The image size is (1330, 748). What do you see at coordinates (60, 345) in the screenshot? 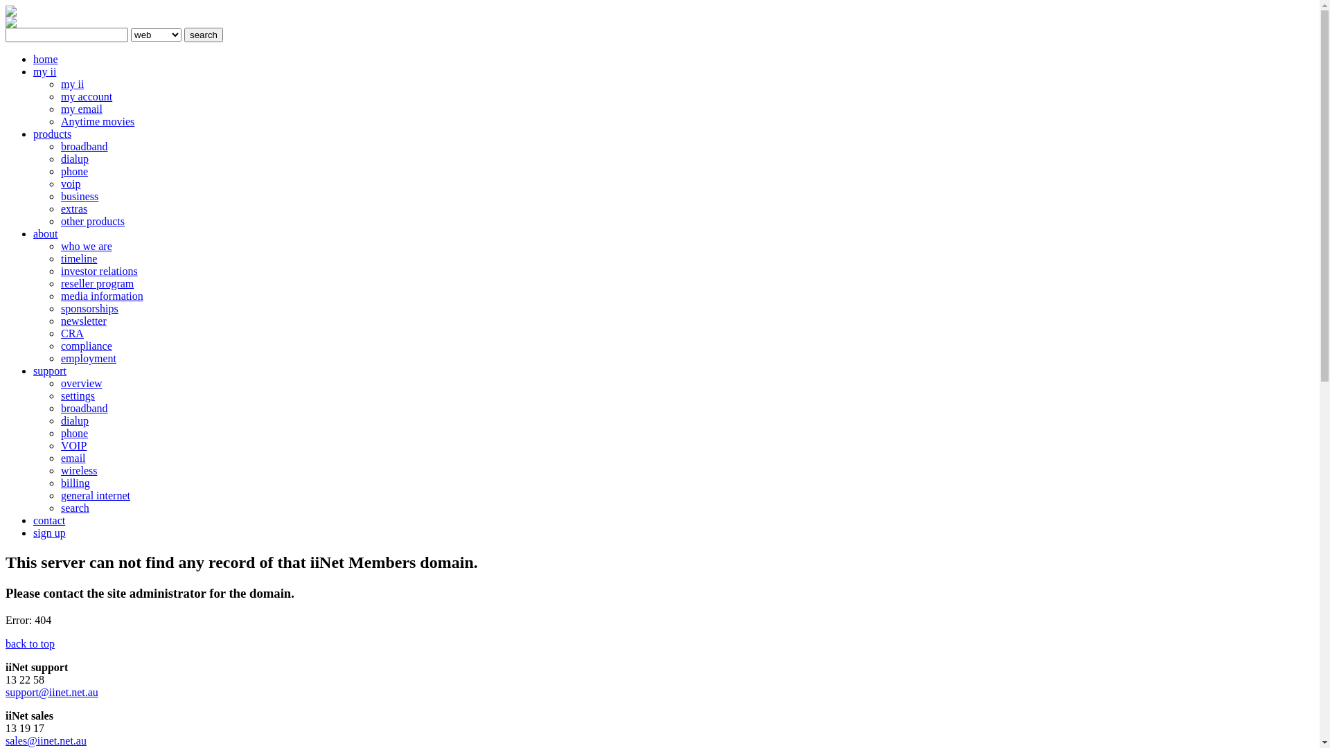
I see `'compliance'` at bounding box center [60, 345].